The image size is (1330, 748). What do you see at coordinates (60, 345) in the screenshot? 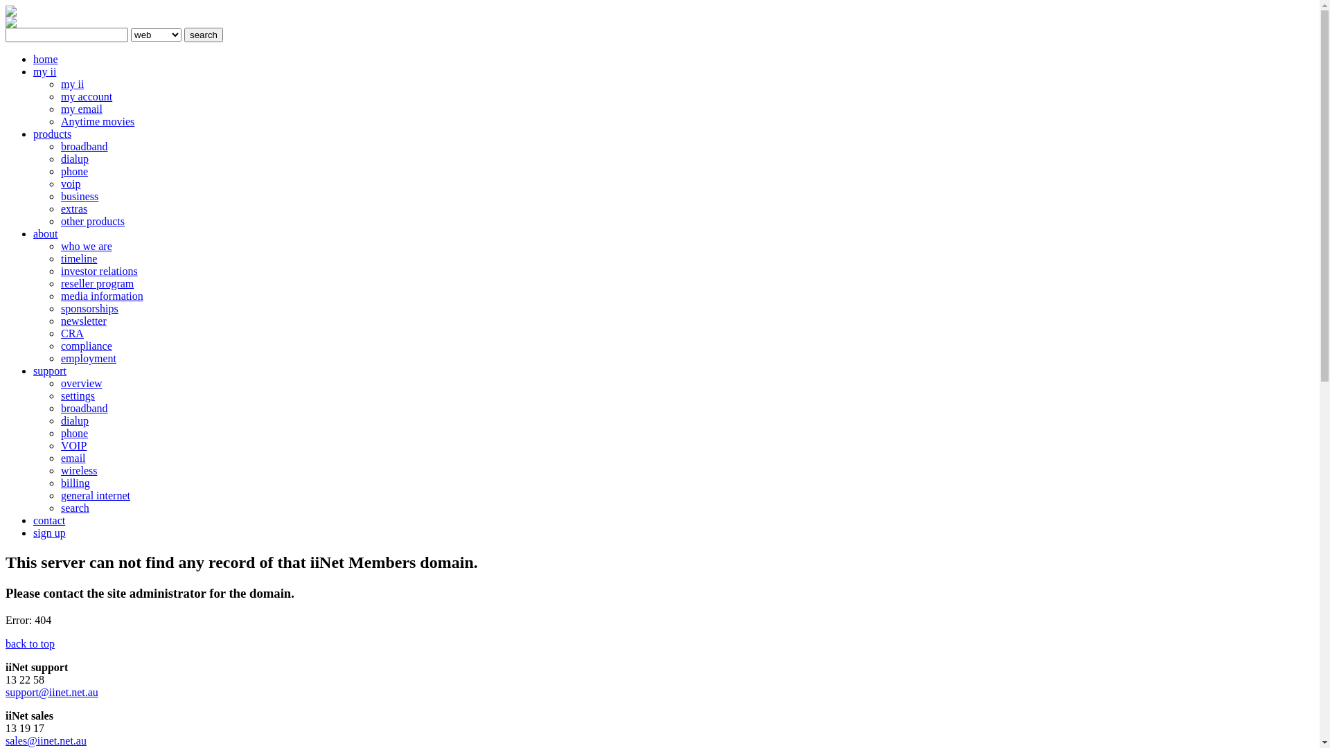
I see `'compliance'` at bounding box center [60, 345].